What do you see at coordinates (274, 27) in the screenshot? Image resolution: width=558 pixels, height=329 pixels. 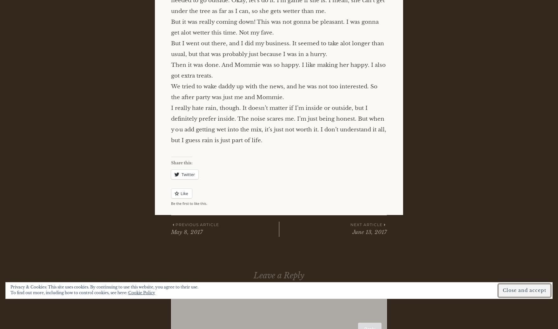 I see `'But it was really coming down! This was not gonna be pleasant. I was gonna get alot wetter this time. Not my fave.'` at bounding box center [274, 27].